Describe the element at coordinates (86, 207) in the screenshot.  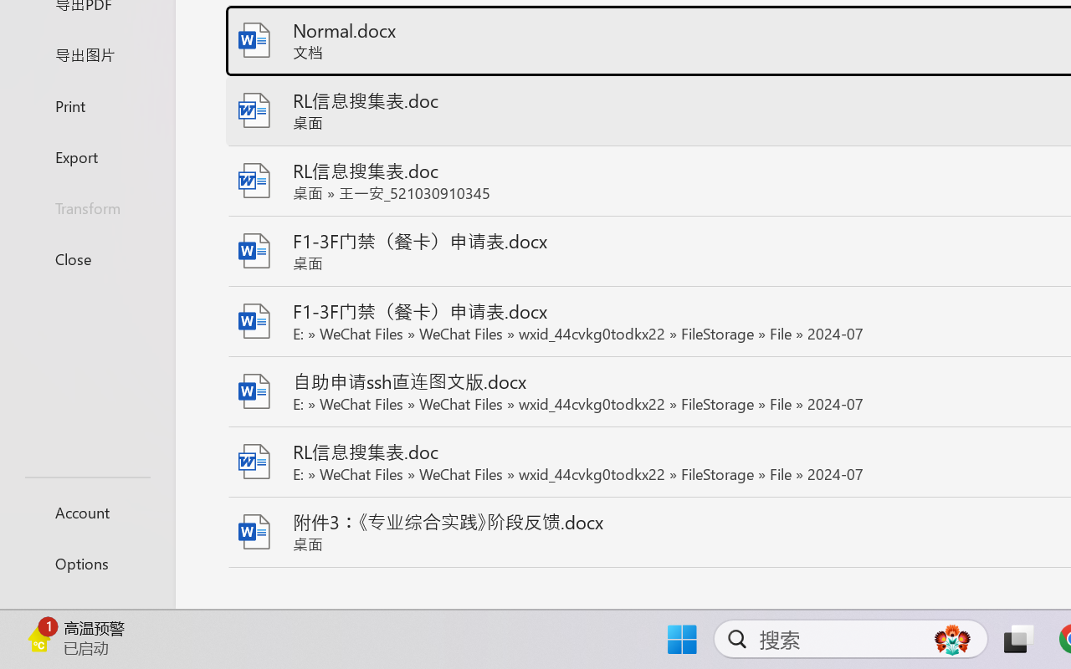
I see `'Transform'` at that location.